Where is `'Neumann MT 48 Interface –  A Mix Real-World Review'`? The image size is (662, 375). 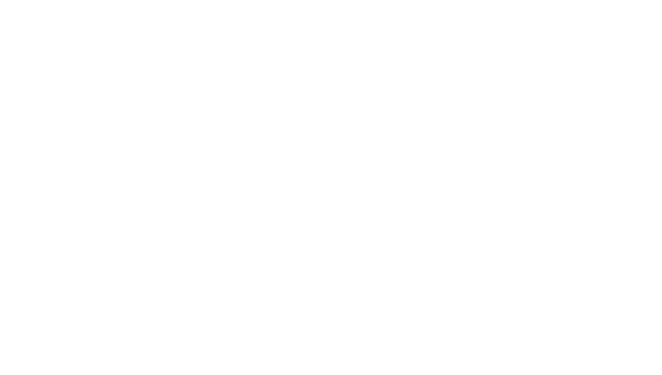
'Neumann MT 48 Interface –  A Mix Real-World Review' is located at coordinates (298, 82).